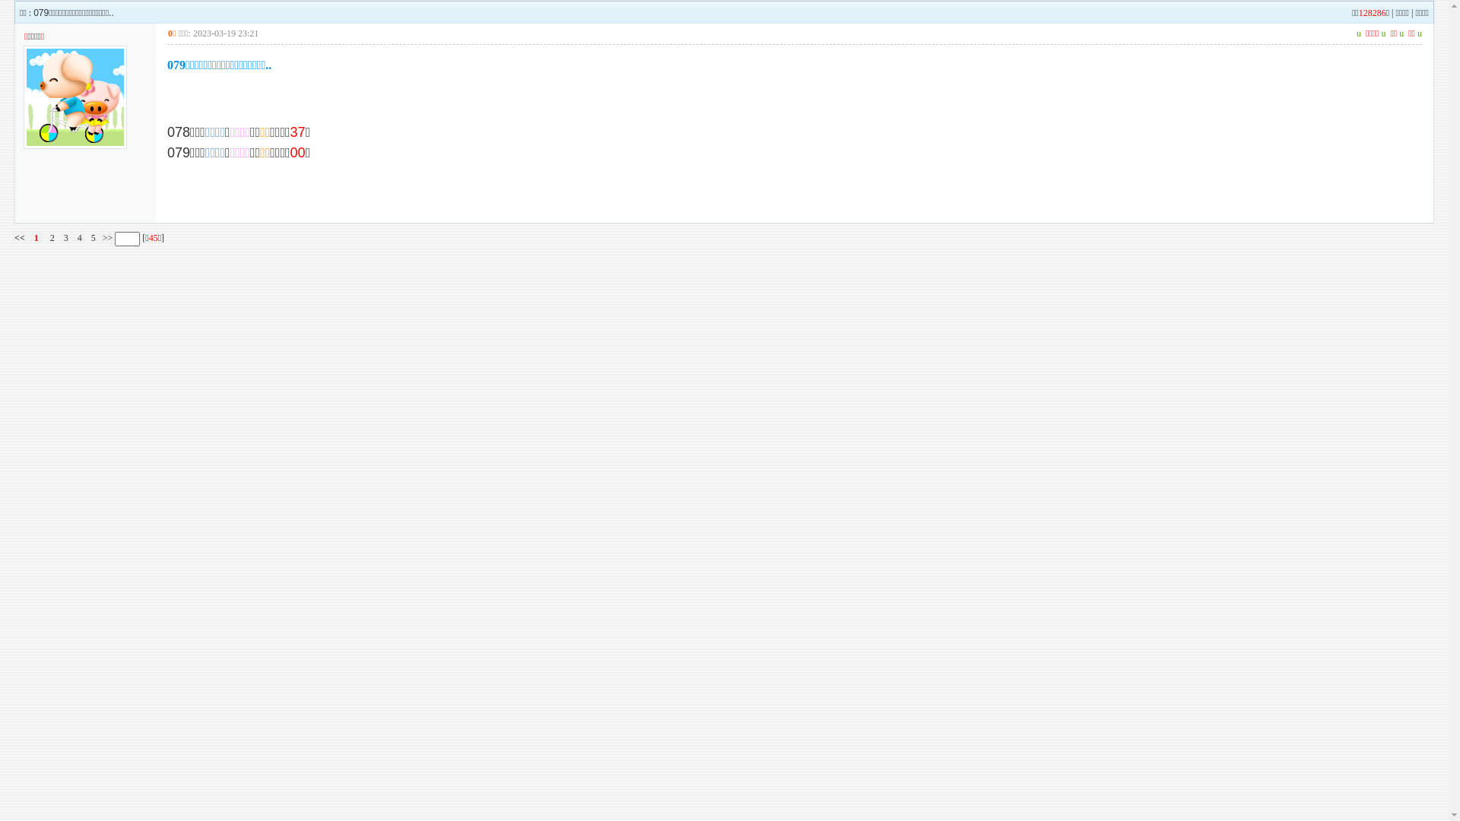 This screenshot has width=1460, height=821. What do you see at coordinates (79, 237) in the screenshot?
I see `'4'` at bounding box center [79, 237].